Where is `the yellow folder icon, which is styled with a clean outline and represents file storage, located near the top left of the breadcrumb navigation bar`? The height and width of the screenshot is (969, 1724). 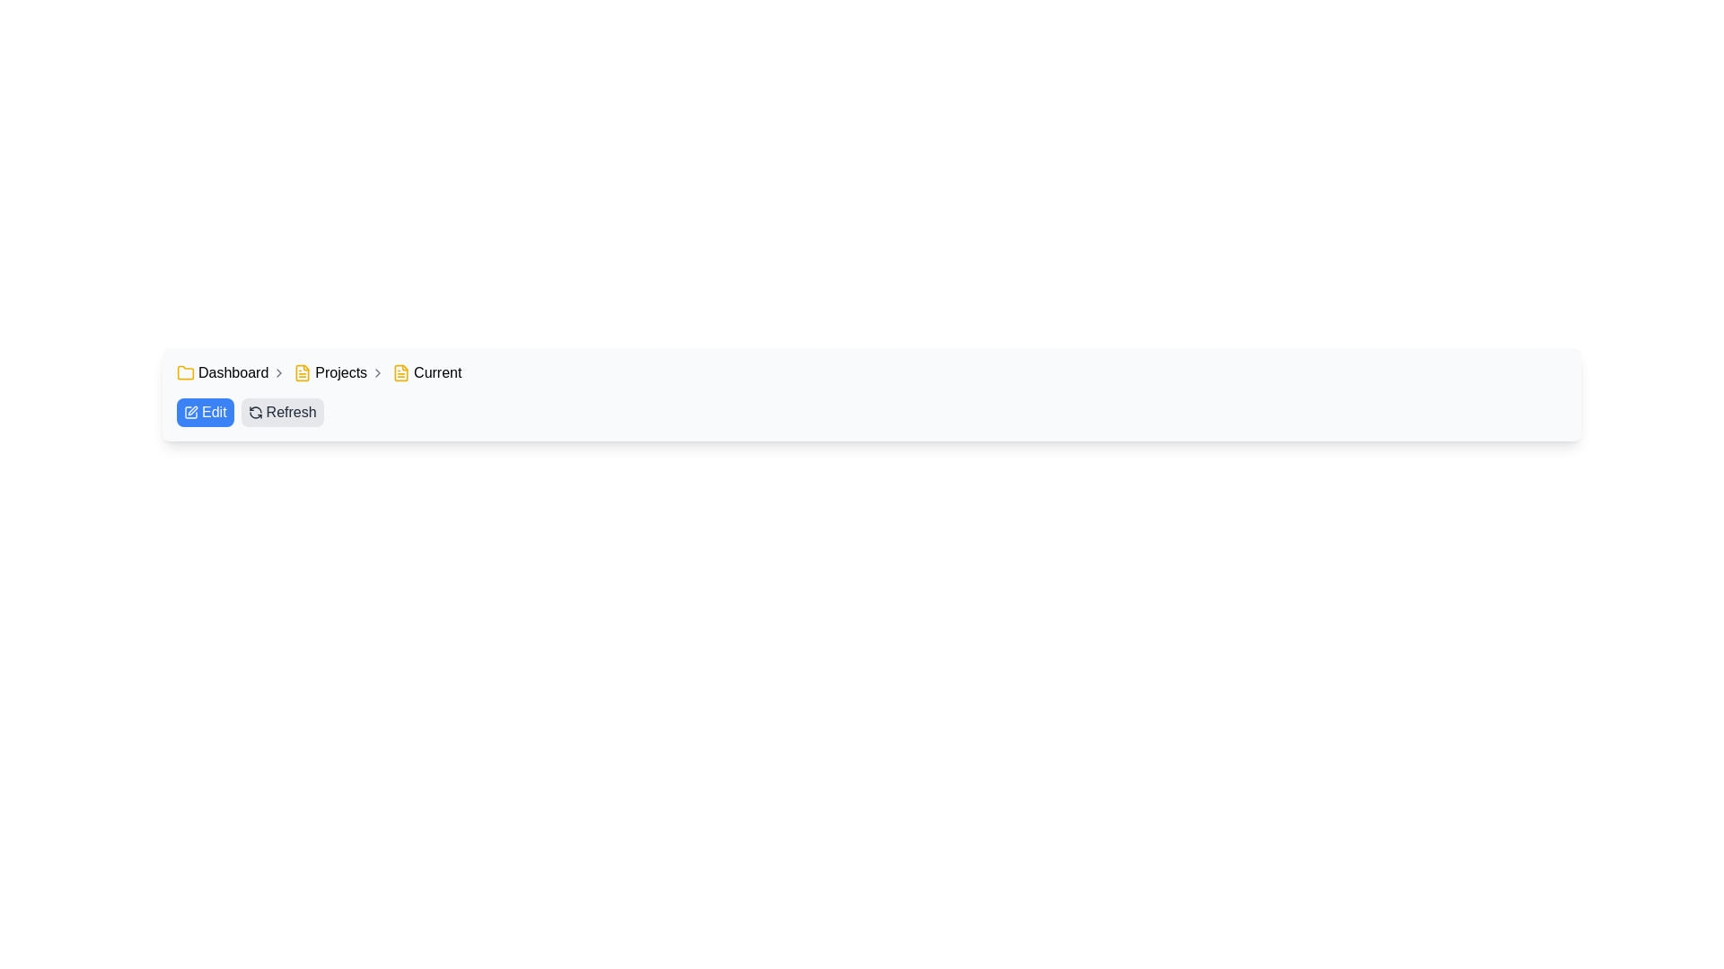
the yellow folder icon, which is styled with a clean outline and represents file storage, located near the top left of the breadcrumb navigation bar is located at coordinates (185, 371).